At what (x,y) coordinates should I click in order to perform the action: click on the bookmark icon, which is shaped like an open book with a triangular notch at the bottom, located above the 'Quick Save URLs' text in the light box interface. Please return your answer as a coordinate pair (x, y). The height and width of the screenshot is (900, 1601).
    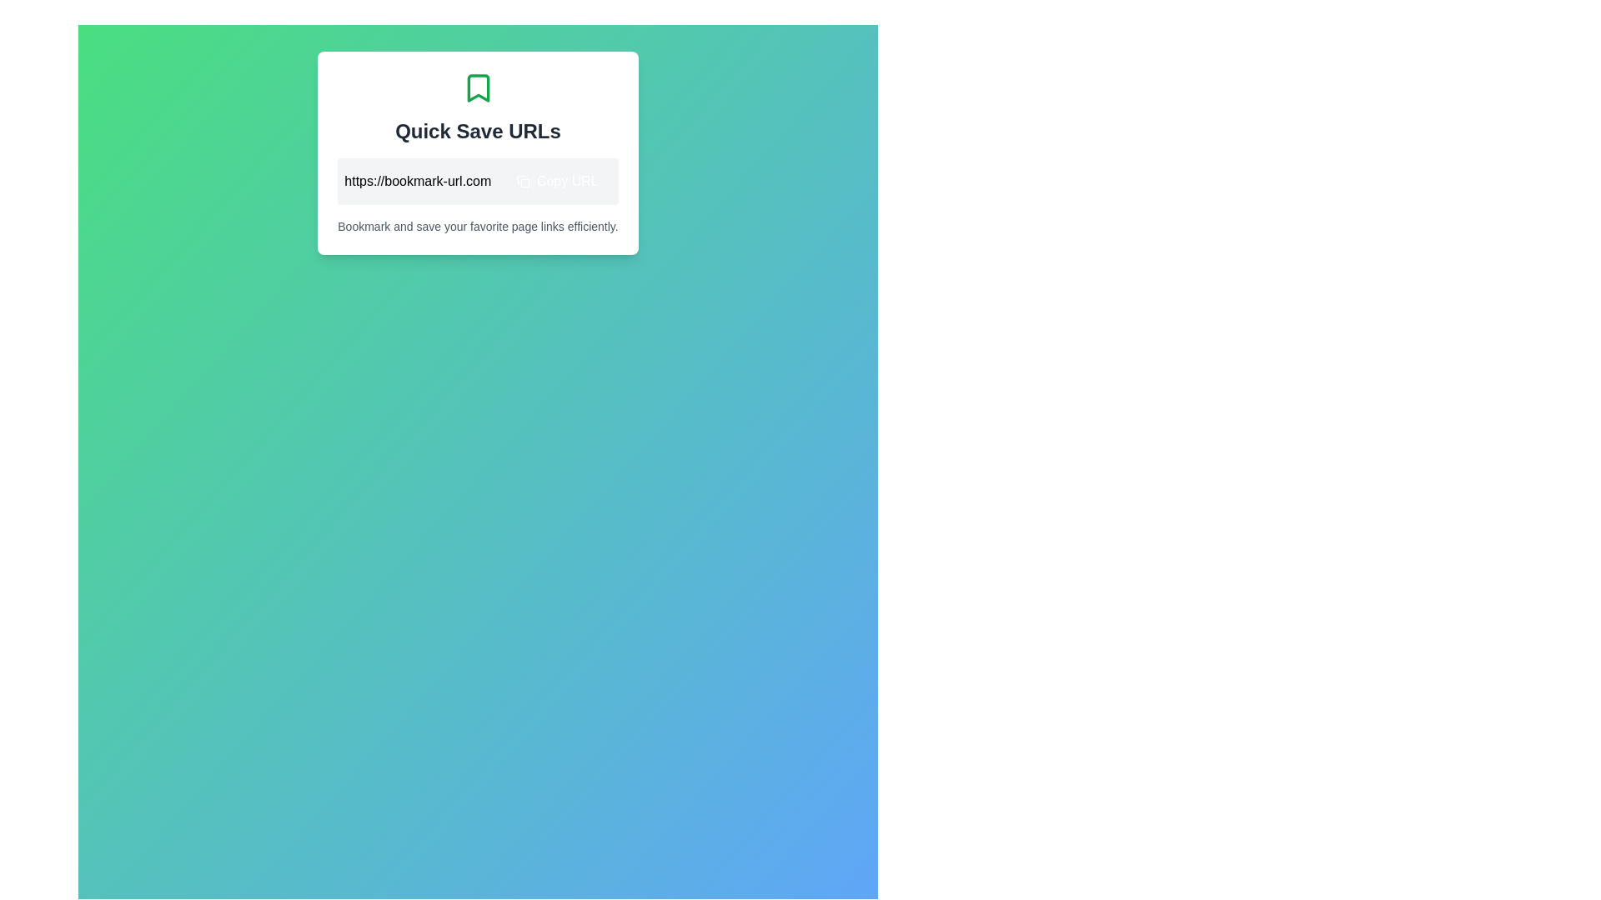
    Looking at the image, I should click on (477, 87).